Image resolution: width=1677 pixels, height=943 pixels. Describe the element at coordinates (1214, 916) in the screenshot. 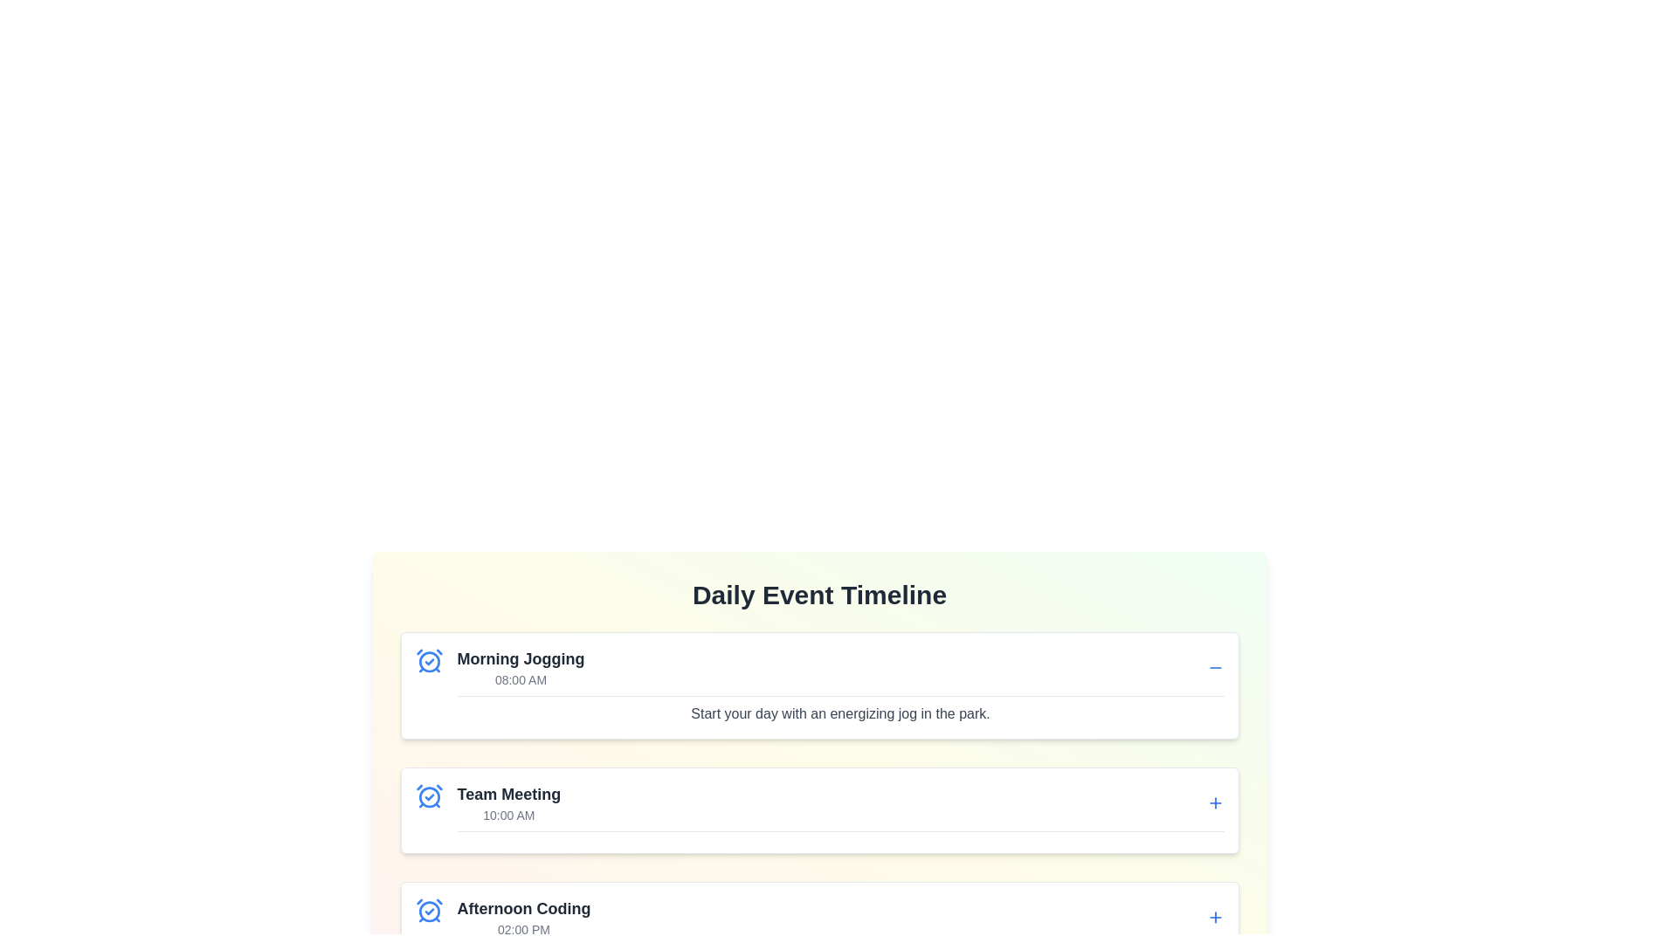

I see `the action button for adding more details to the 'Afternoon Coding' event located on the bottom row of the 'Daily Event Timeline' section, positioned on the far right side` at that location.